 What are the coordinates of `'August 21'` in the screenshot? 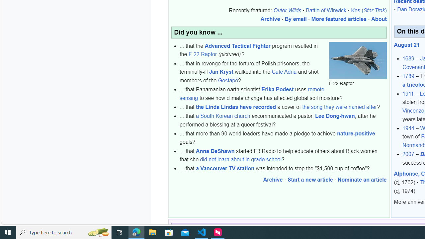 It's located at (406, 45).